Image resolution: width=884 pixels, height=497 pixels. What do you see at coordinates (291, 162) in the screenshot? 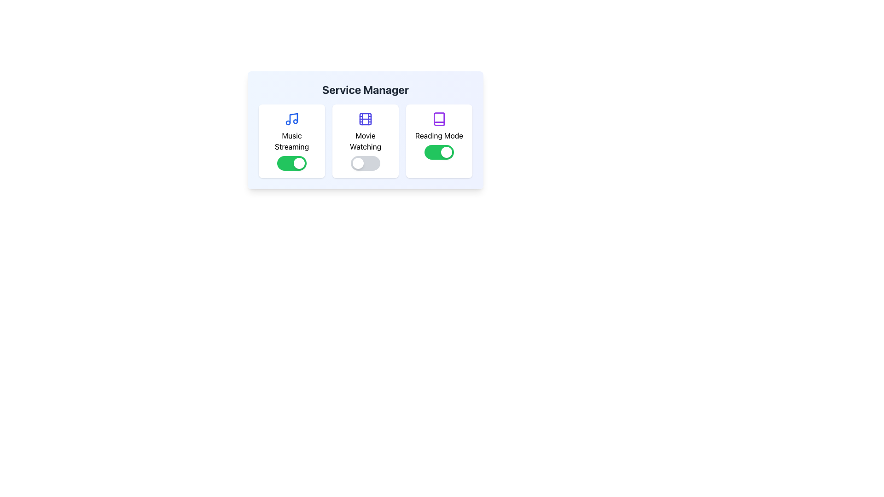
I see `the toggle switch located within the 'Music Streaming' card` at bounding box center [291, 162].